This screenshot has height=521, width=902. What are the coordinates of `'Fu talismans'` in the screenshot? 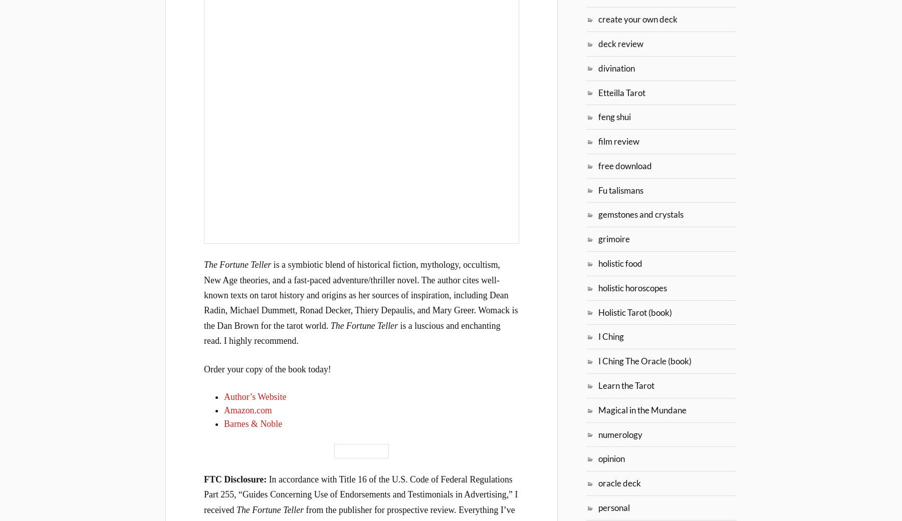 It's located at (620, 190).